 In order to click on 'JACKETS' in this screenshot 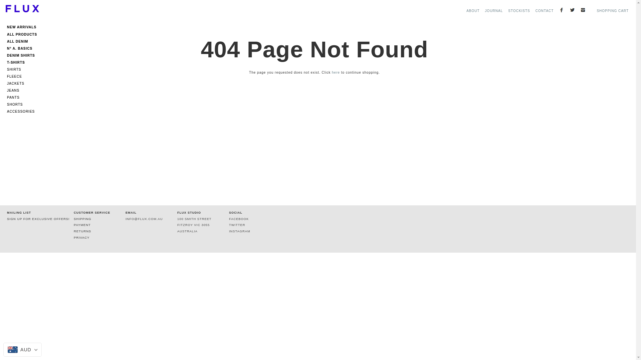, I will do `click(24, 83)`.